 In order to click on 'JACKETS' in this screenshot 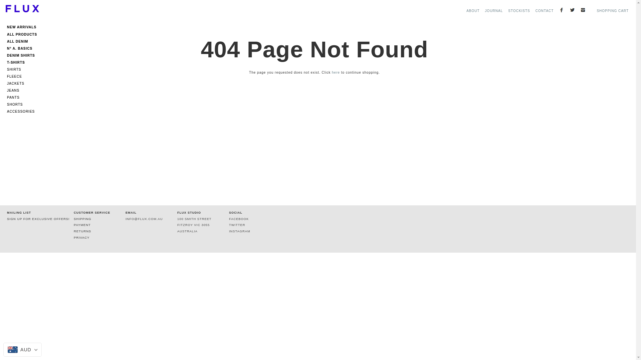, I will do `click(24, 83)`.